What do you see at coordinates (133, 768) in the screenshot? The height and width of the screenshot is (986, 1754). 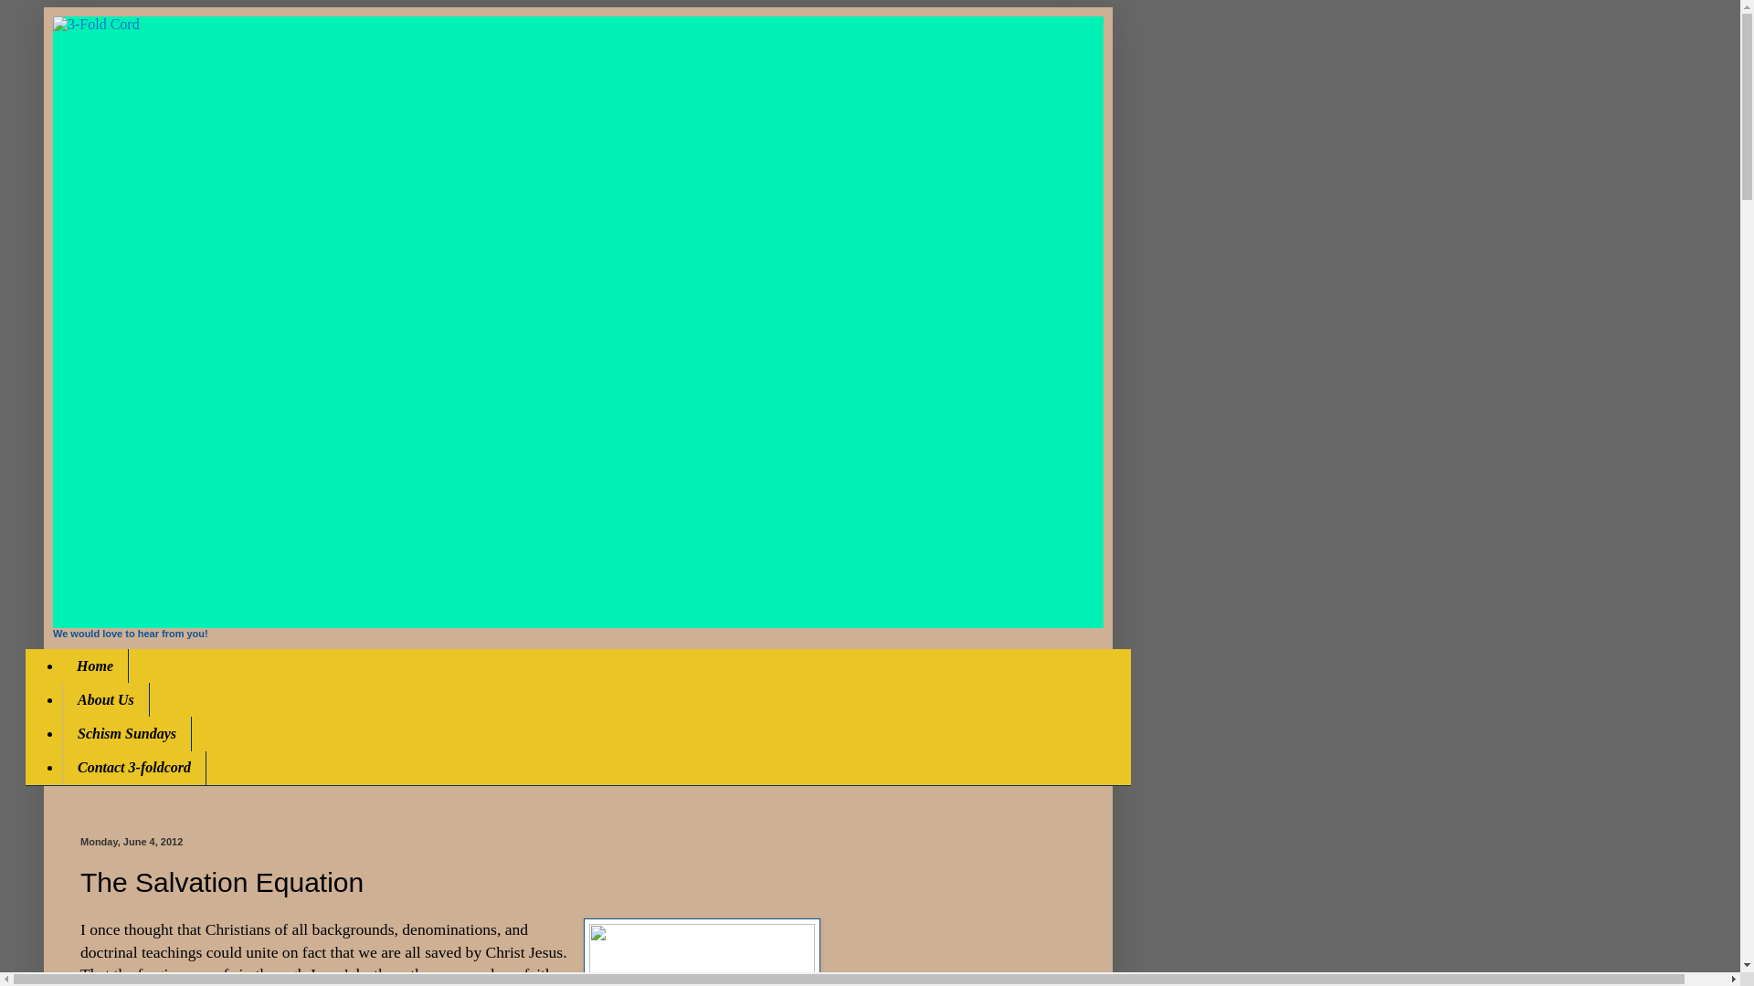 I see `'Contact 3-foldcord'` at bounding box center [133, 768].